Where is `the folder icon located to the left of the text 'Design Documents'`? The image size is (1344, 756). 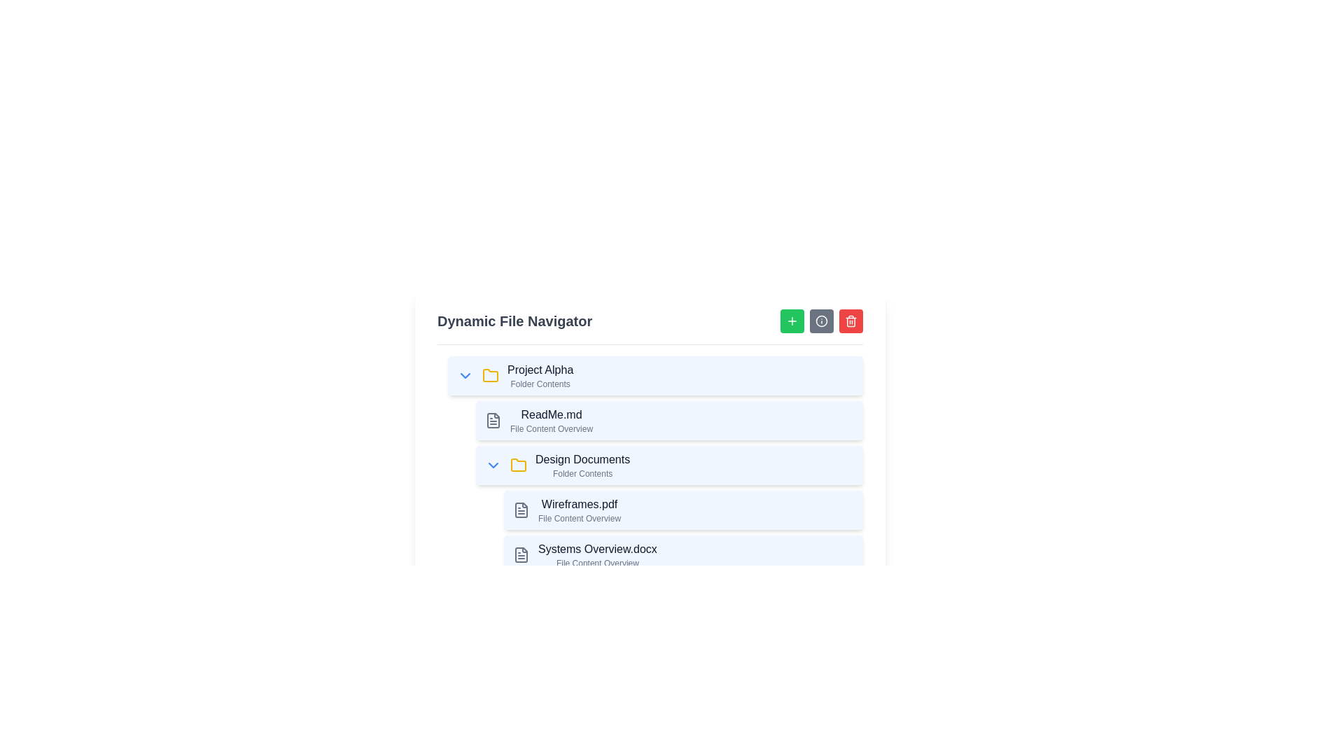 the folder icon located to the left of the text 'Design Documents' is located at coordinates (517, 464).